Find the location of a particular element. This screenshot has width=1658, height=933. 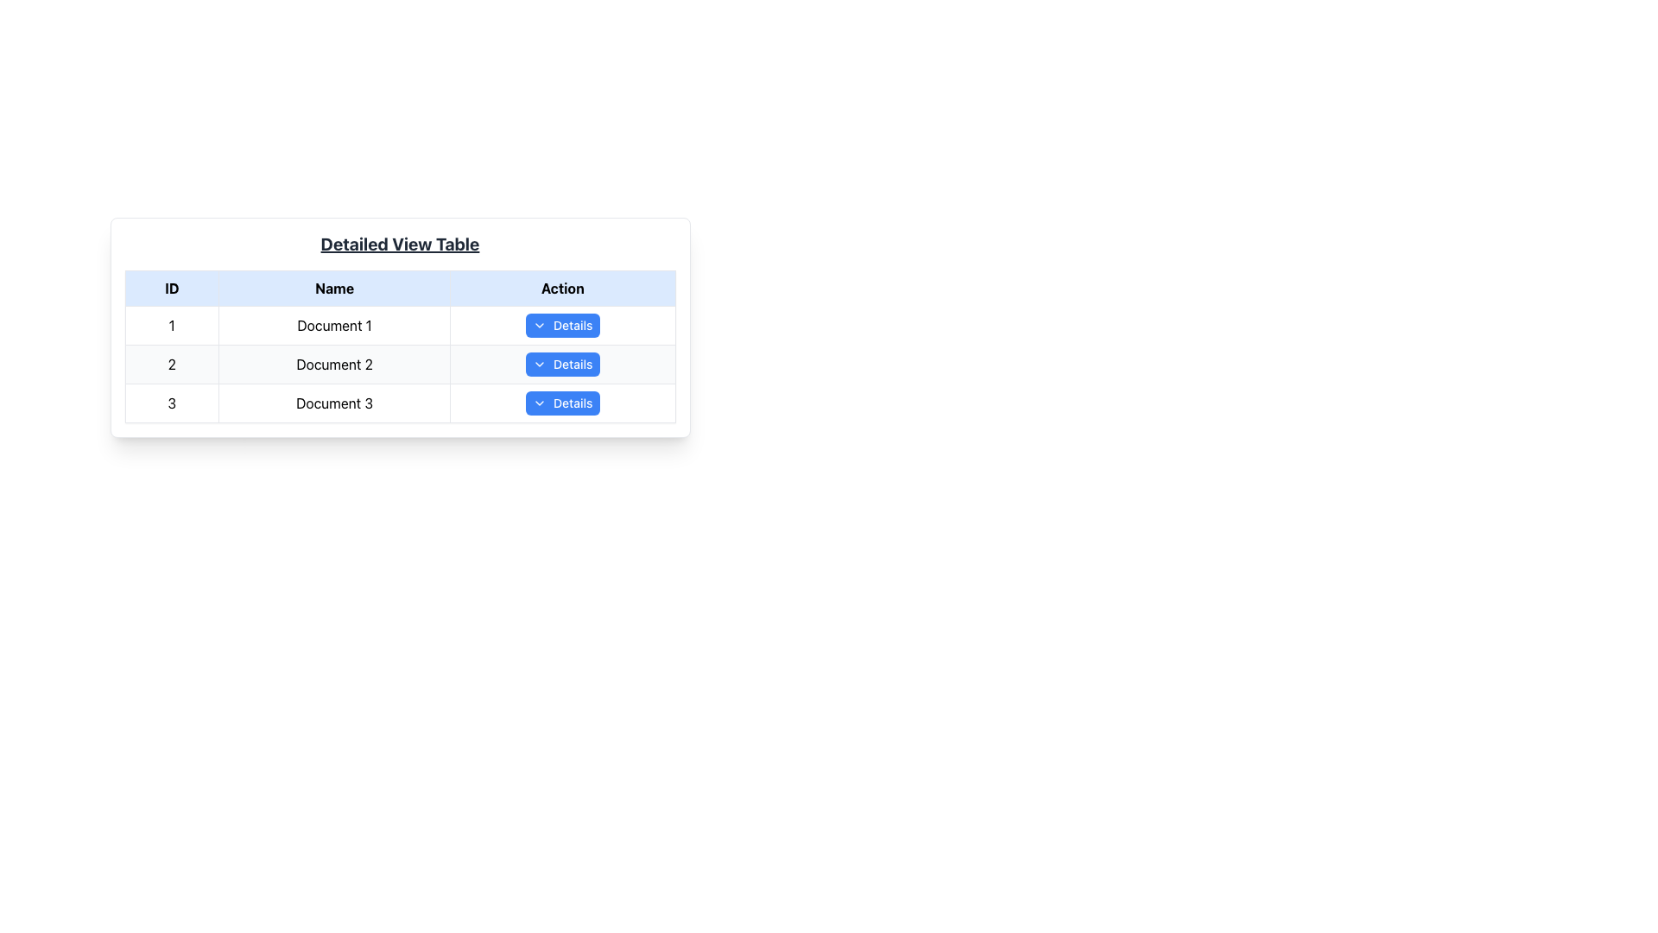

the Table Cell Text displaying the number '1' in the first cell of the first row of the 'Detailed View Table' is located at coordinates (172, 326).